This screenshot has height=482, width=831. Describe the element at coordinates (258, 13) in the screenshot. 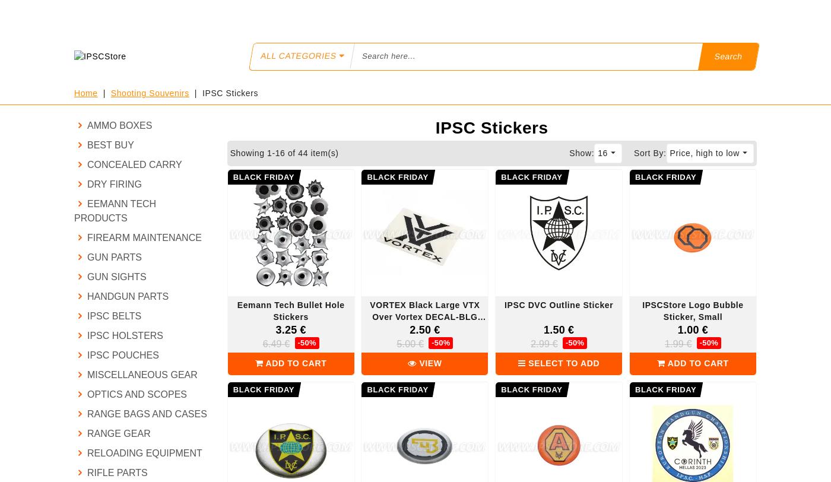

I see `'FAQ'` at that location.